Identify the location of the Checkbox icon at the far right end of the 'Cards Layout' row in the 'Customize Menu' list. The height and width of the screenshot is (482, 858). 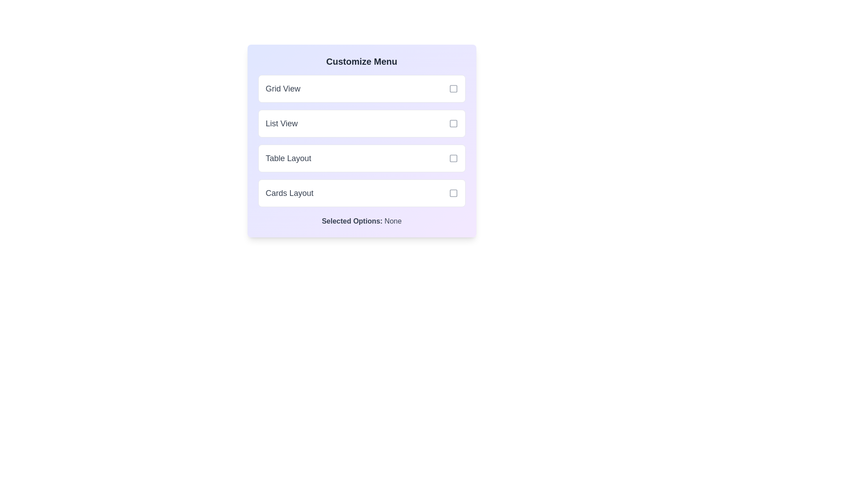
(453, 192).